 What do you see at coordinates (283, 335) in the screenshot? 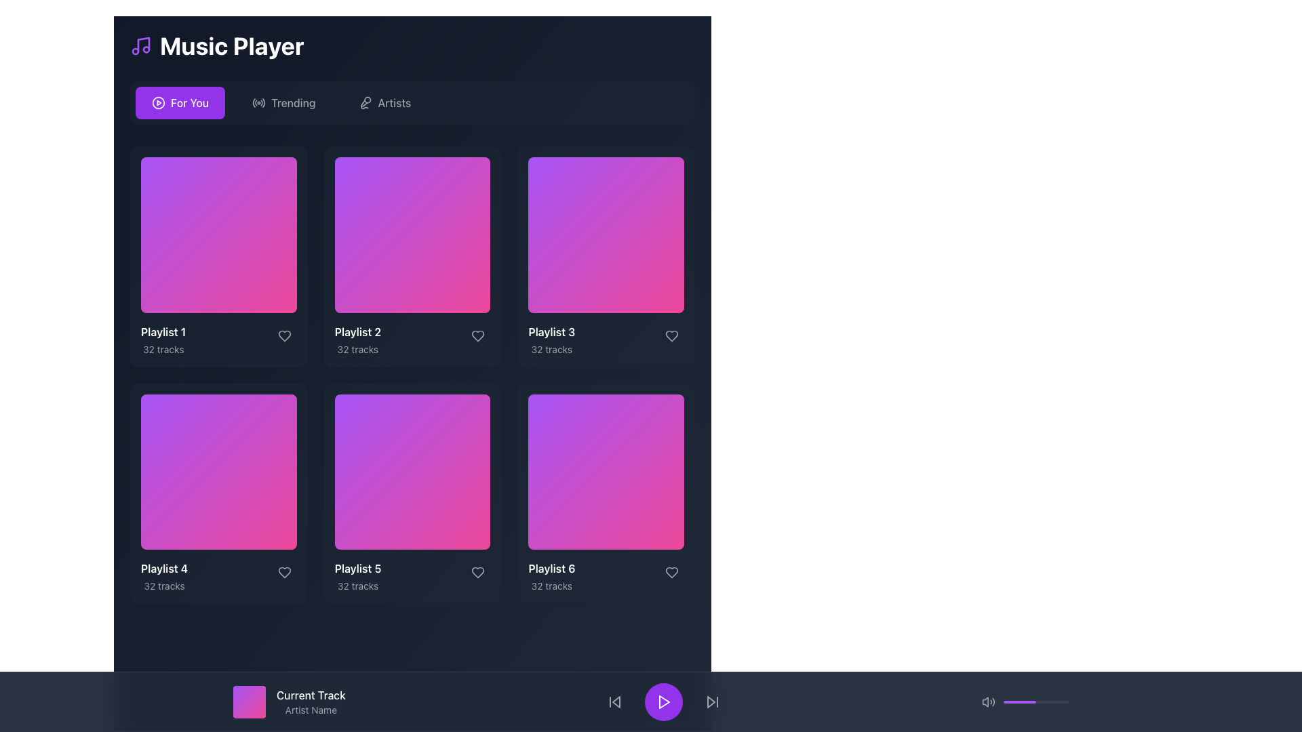
I see `the heart-shaped icon button located at the bottom right corner of the 'Playlist 2' card` at bounding box center [283, 335].